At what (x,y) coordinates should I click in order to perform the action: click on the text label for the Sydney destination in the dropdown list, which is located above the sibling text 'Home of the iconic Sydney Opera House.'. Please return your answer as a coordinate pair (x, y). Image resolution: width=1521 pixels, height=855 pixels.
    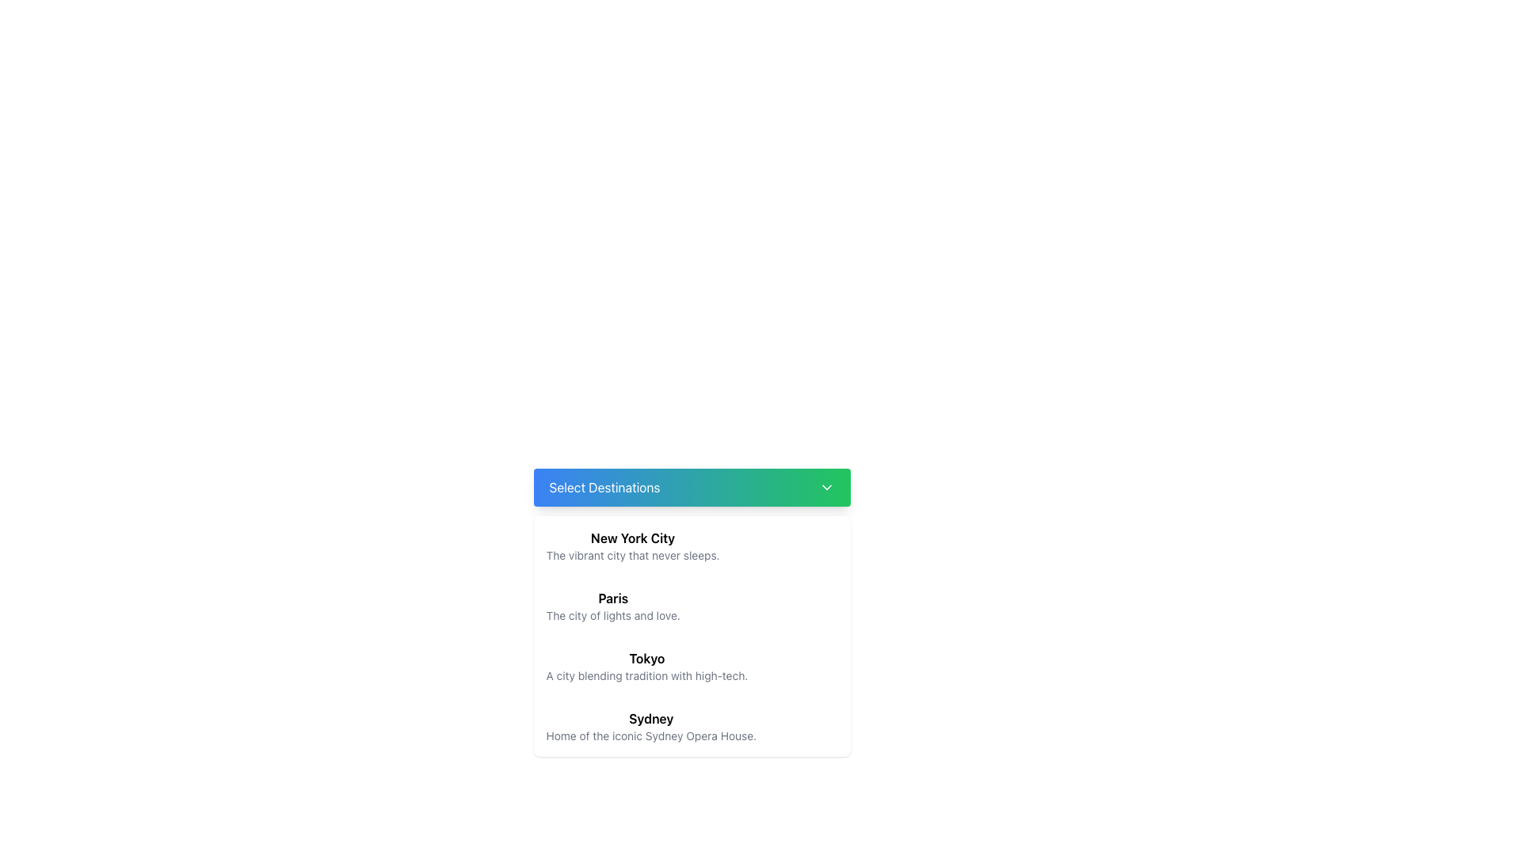
    Looking at the image, I should click on (651, 718).